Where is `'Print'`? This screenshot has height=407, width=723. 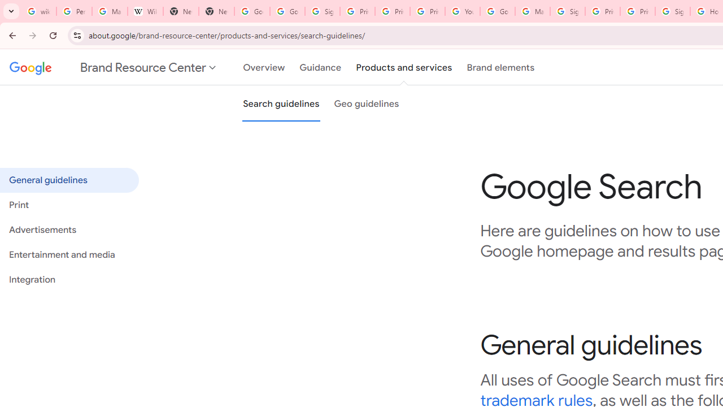 'Print' is located at coordinates (68, 205).